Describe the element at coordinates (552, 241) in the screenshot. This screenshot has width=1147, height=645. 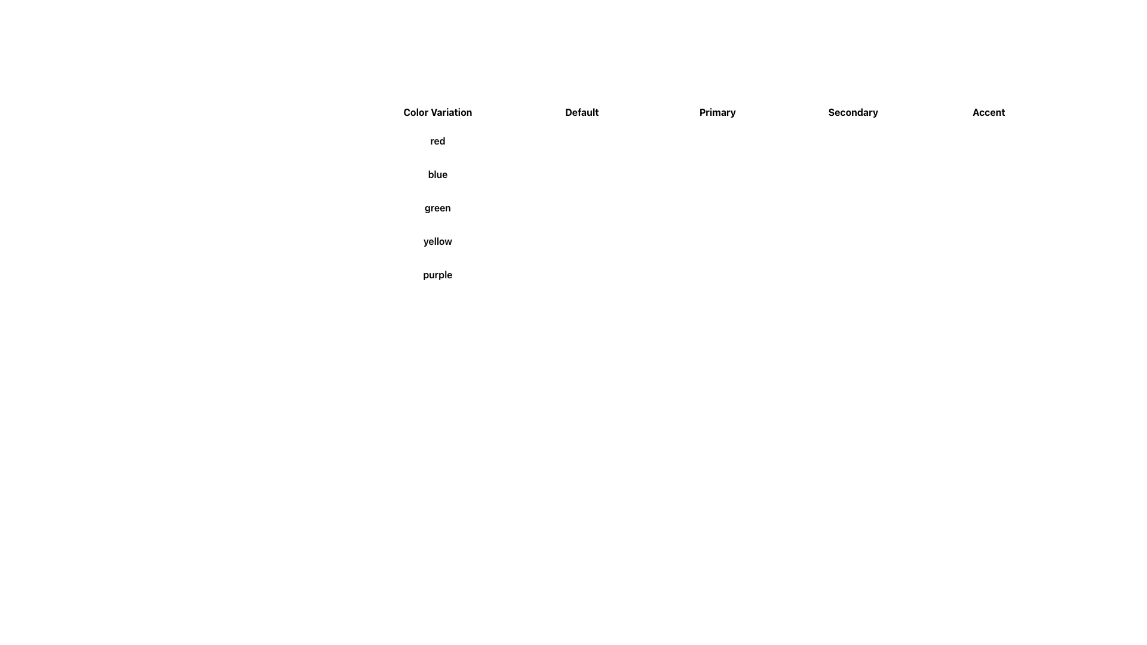
I see `the button in the fourth row of the 'Default' column` at that location.